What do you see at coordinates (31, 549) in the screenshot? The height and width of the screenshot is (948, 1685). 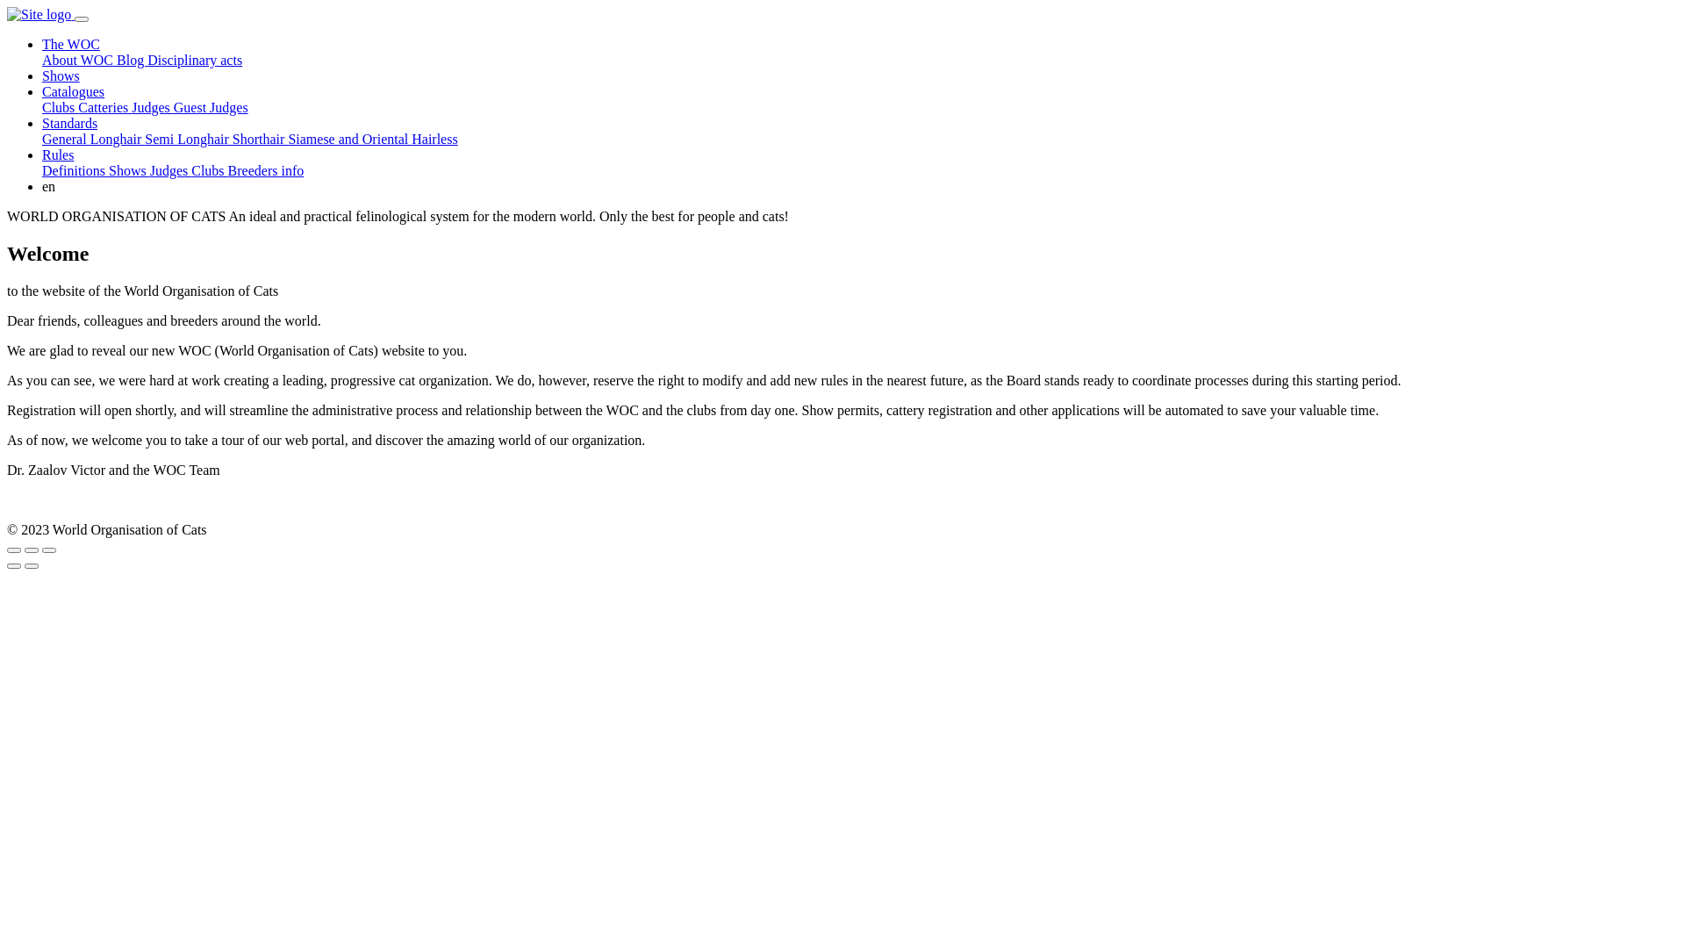 I see `'Toggle fullscreen'` at bounding box center [31, 549].